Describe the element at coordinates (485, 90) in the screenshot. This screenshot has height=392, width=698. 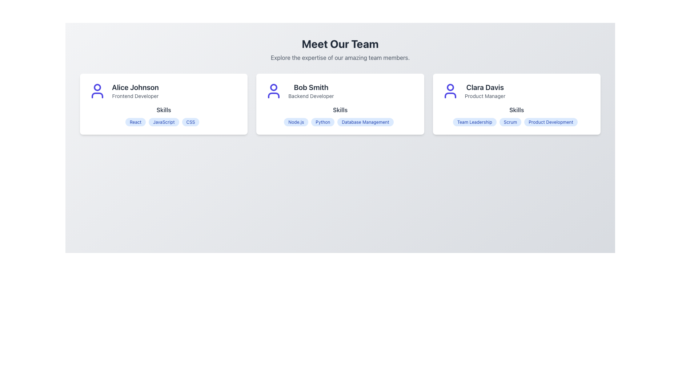
I see `the Text Display element showing 'Clara Davis' and 'Product Manager', which is located in the third card of the team profiles` at that location.